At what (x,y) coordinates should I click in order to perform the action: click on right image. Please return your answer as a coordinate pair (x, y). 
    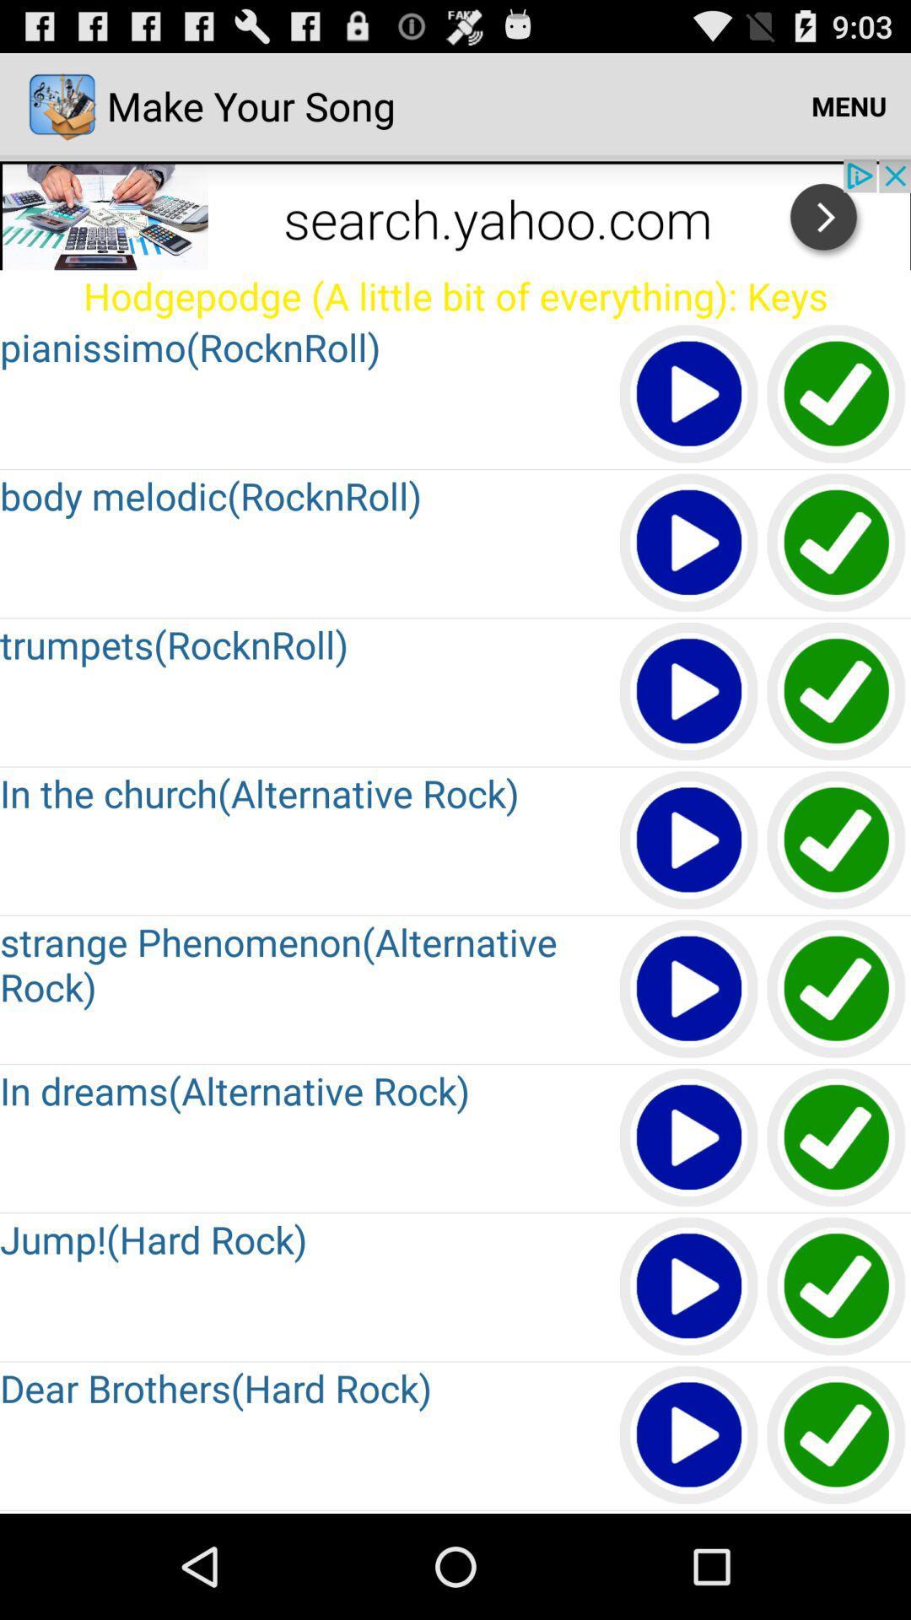
    Looking at the image, I should click on (837, 394).